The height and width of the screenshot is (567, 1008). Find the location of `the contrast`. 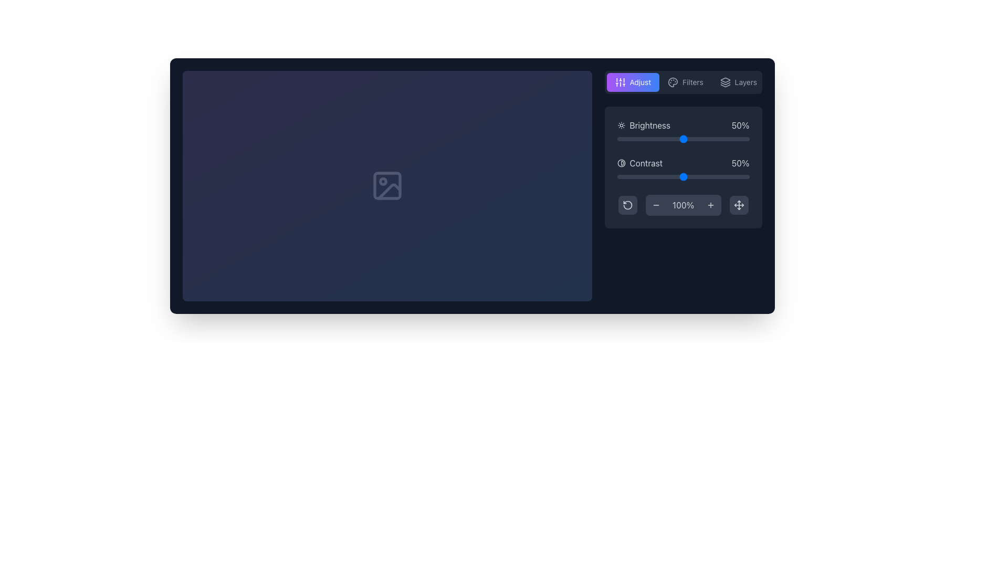

the contrast is located at coordinates (632, 176).